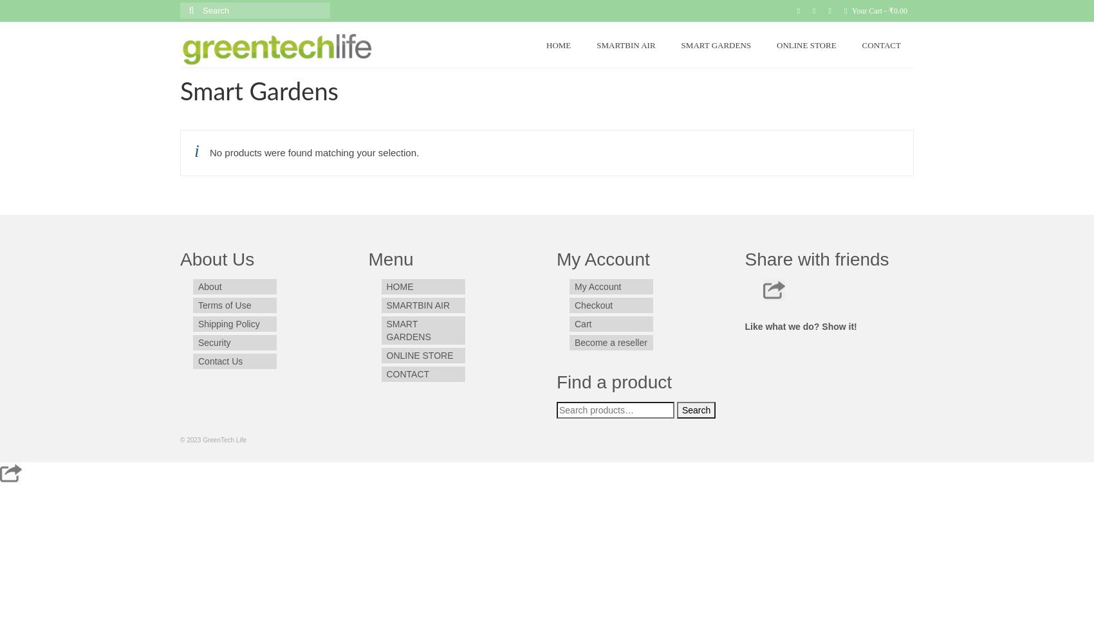 This screenshot has width=1094, height=643. I want to click on 'About Us', so click(216, 259).